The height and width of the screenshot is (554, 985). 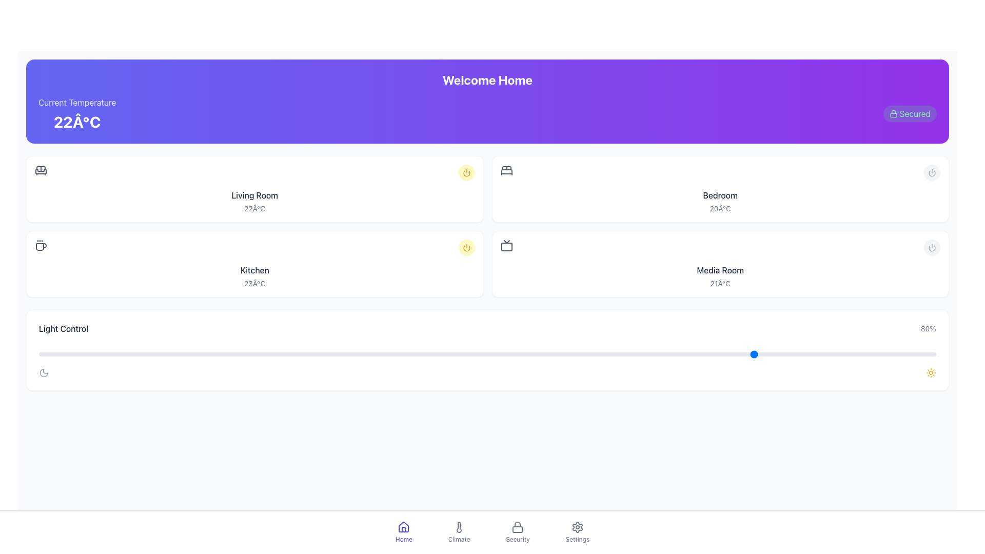 What do you see at coordinates (577, 527) in the screenshot?
I see `the cogwheel icon located in the bottom navigation bar, which is the fourth icon from the left` at bounding box center [577, 527].